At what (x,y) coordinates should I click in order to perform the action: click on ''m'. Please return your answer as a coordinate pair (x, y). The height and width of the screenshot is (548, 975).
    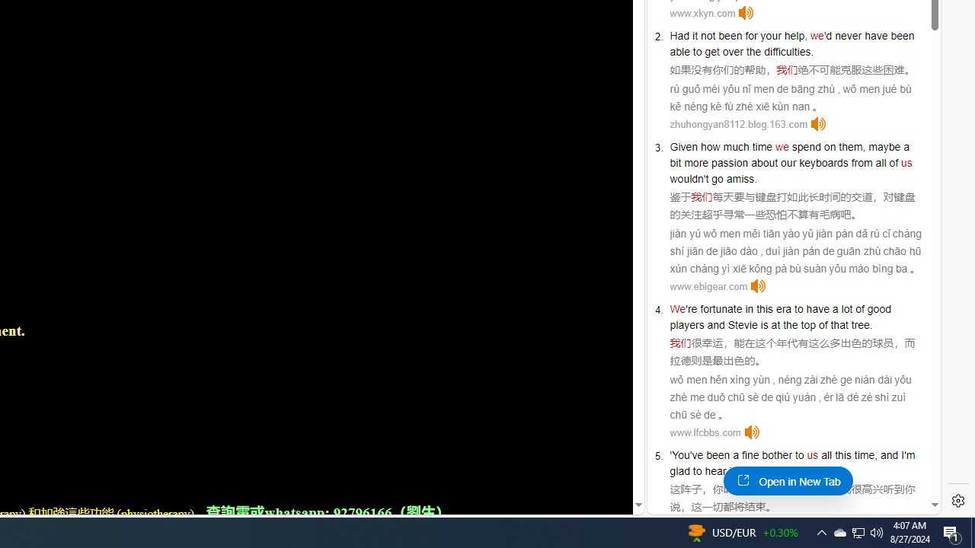
    Looking at the image, I should click on (909, 454).